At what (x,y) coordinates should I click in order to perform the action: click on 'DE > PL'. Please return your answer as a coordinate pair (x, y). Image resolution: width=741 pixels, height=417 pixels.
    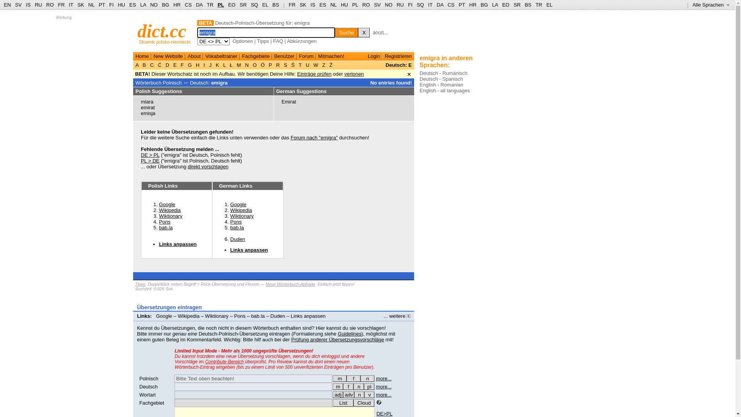
    Looking at the image, I should click on (150, 155).